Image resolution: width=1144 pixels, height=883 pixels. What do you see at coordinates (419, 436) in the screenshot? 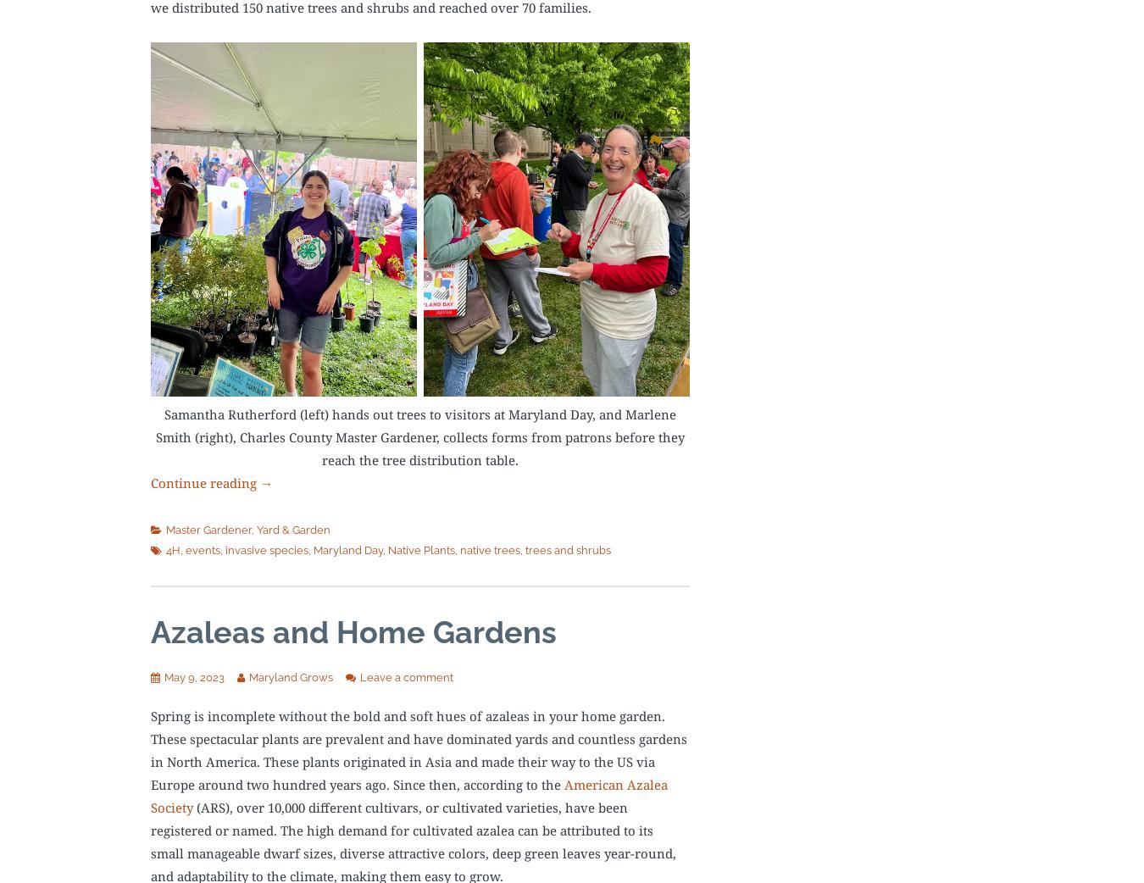
I see `'Samantha Rutherford (left) hands out trees to visitors at Maryland Day, and Marlene Smith (right), Charles County Master Gardener, collects forms from patrons before they reach the tree distribution table.'` at bounding box center [419, 436].